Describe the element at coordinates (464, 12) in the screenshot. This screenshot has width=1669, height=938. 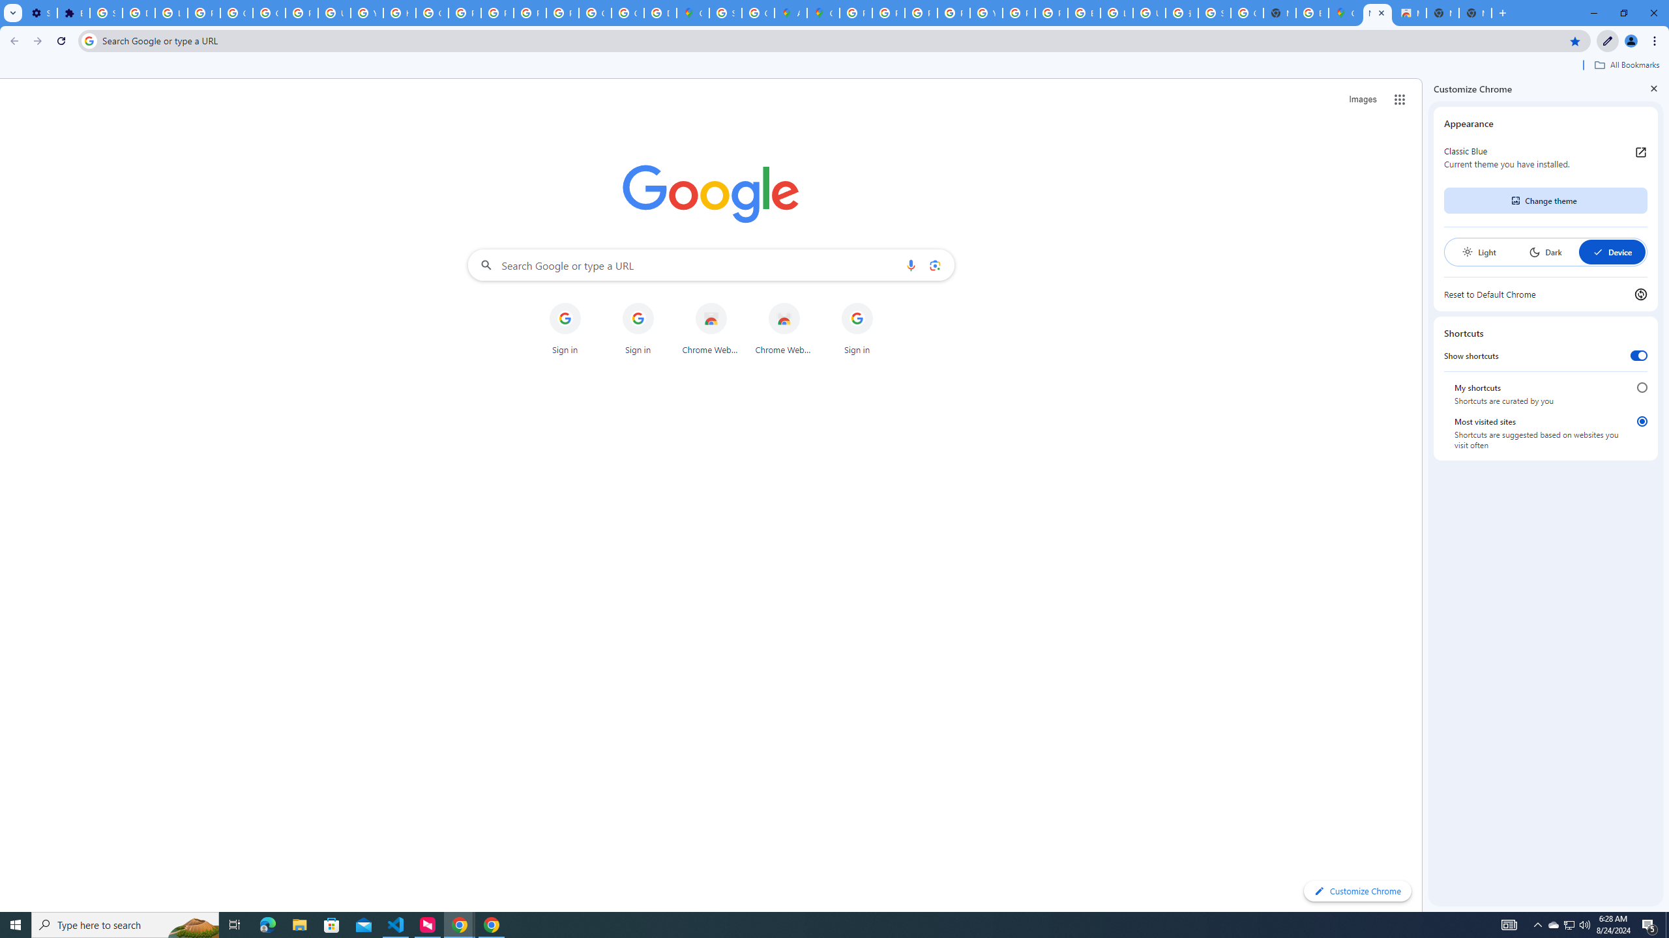
I see `'Privacy Help Center - Policies Help'` at that location.